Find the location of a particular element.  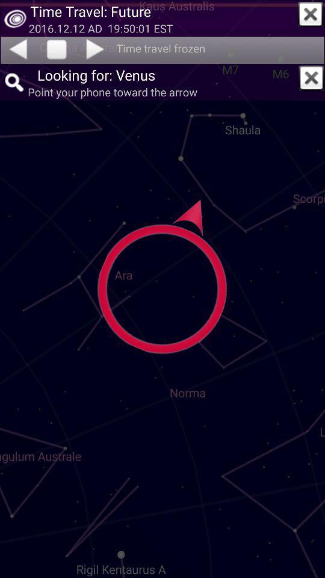

this window is located at coordinates (311, 77).